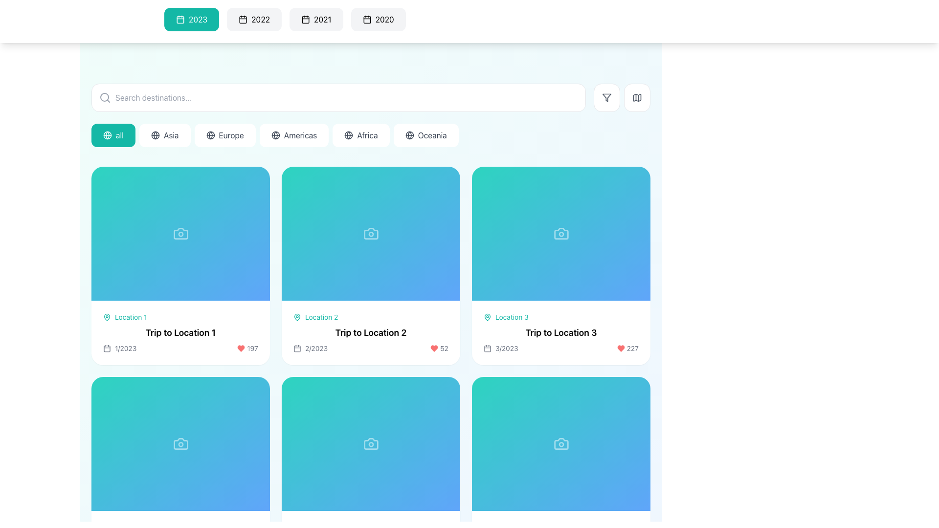  What do you see at coordinates (180, 443) in the screenshot?
I see `the icon representing a missing image in the bottom-right item of the photo grid under 'Trending Photos'` at bounding box center [180, 443].